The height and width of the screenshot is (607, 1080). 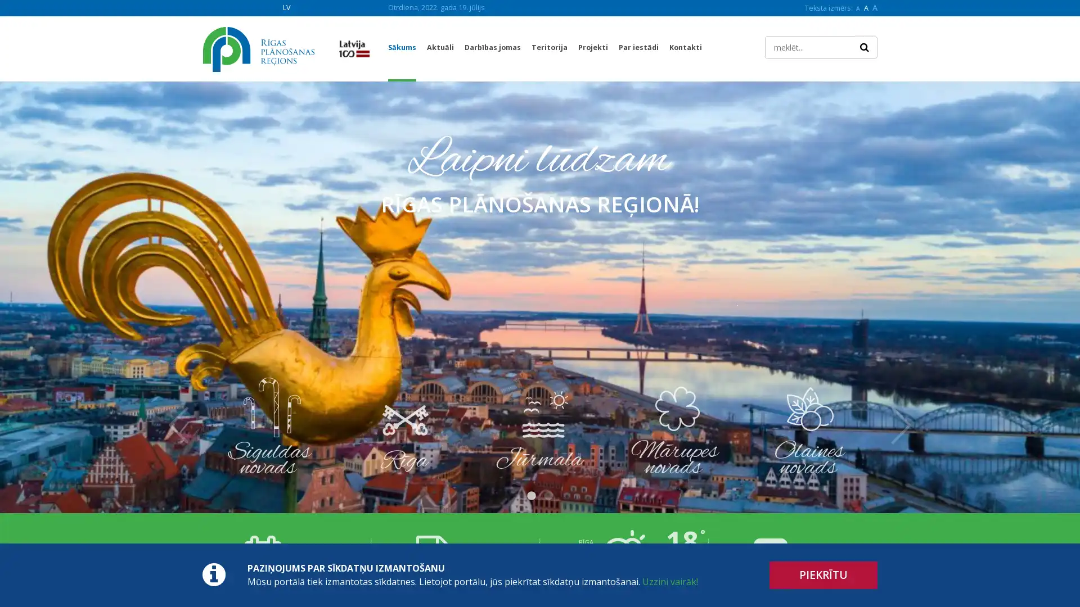 What do you see at coordinates (178, 425) in the screenshot?
I see `Previous` at bounding box center [178, 425].